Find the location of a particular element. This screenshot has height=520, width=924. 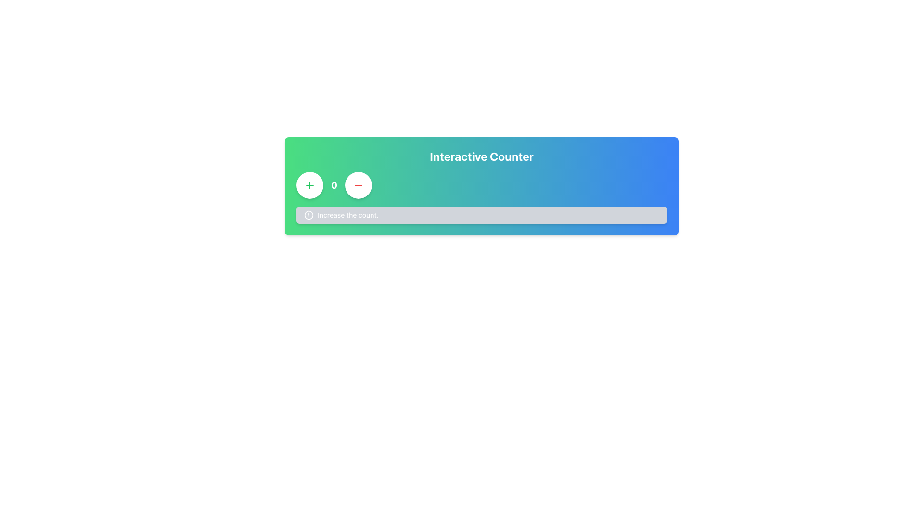

the increment button located to the left of the numeric display to trigger hover effects is located at coordinates (309, 185).